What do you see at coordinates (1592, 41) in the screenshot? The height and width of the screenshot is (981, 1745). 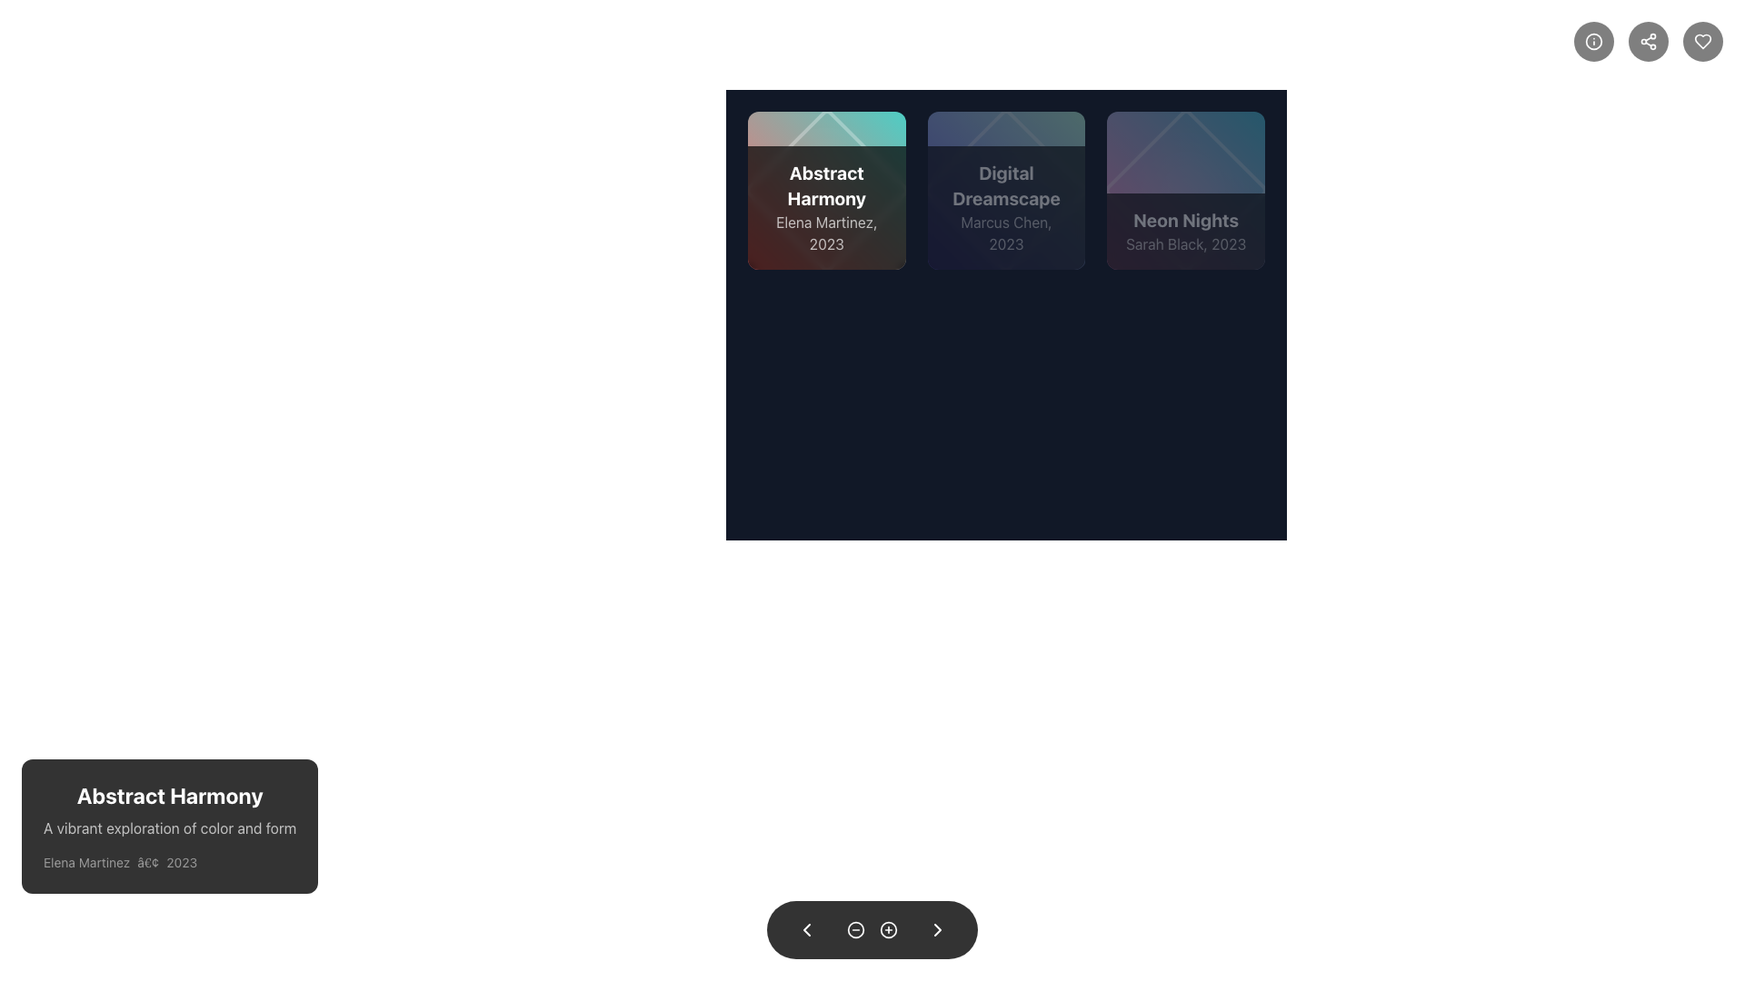 I see `the information icon in the top-right corner of the interface` at bounding box center [1592, 41].